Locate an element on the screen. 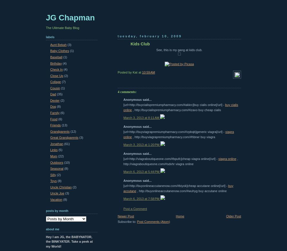  'About me' is located at coordinates (53, 229).